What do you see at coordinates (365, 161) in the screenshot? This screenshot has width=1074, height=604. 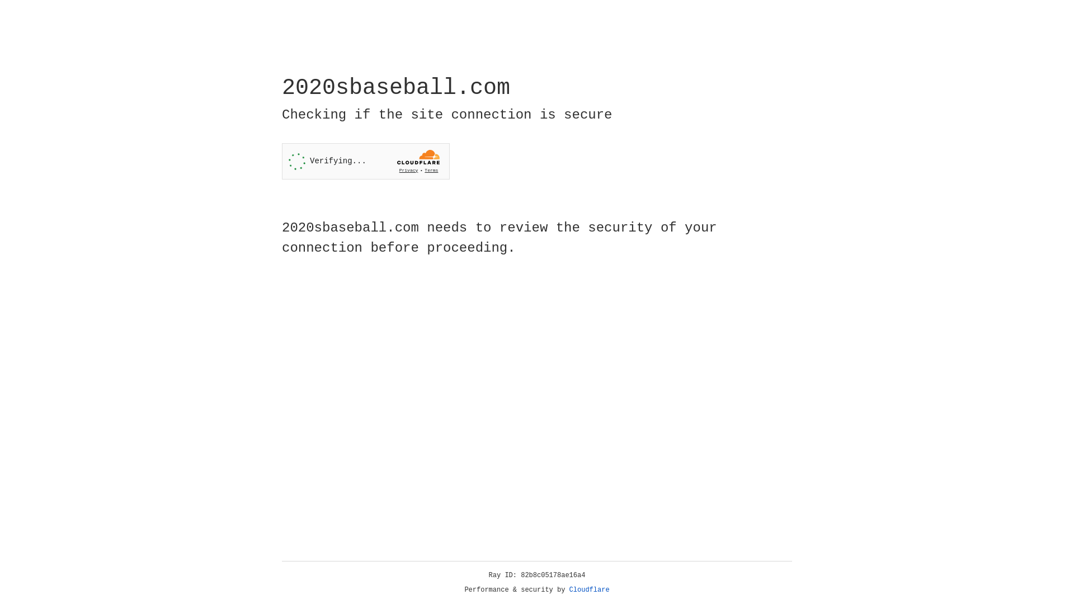 I see `'Widget containing a Cloudflare security challenge'` at bounding box center [365, 161].